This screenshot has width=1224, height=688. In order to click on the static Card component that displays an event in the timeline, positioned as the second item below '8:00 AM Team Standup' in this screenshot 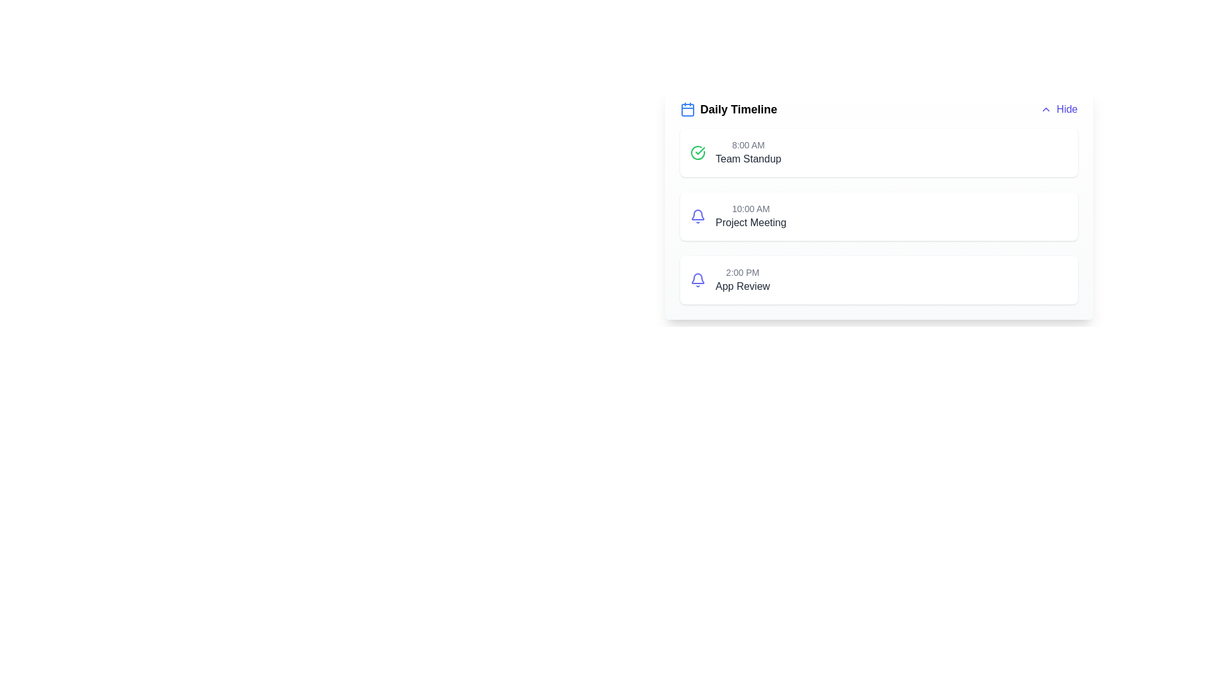, I will do `click(878, 215)`.